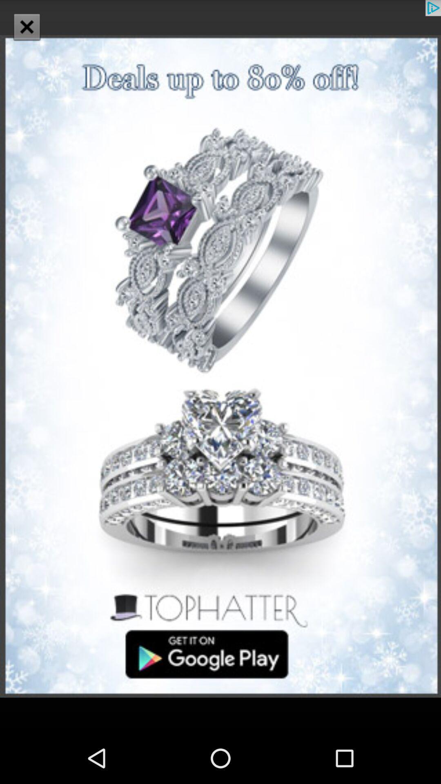 The height and width of the screenshot is (784, 441). What do you see at coordinates (26, 29) in the screenshot?
I see `the close icon` at bounding box center [26, 29].